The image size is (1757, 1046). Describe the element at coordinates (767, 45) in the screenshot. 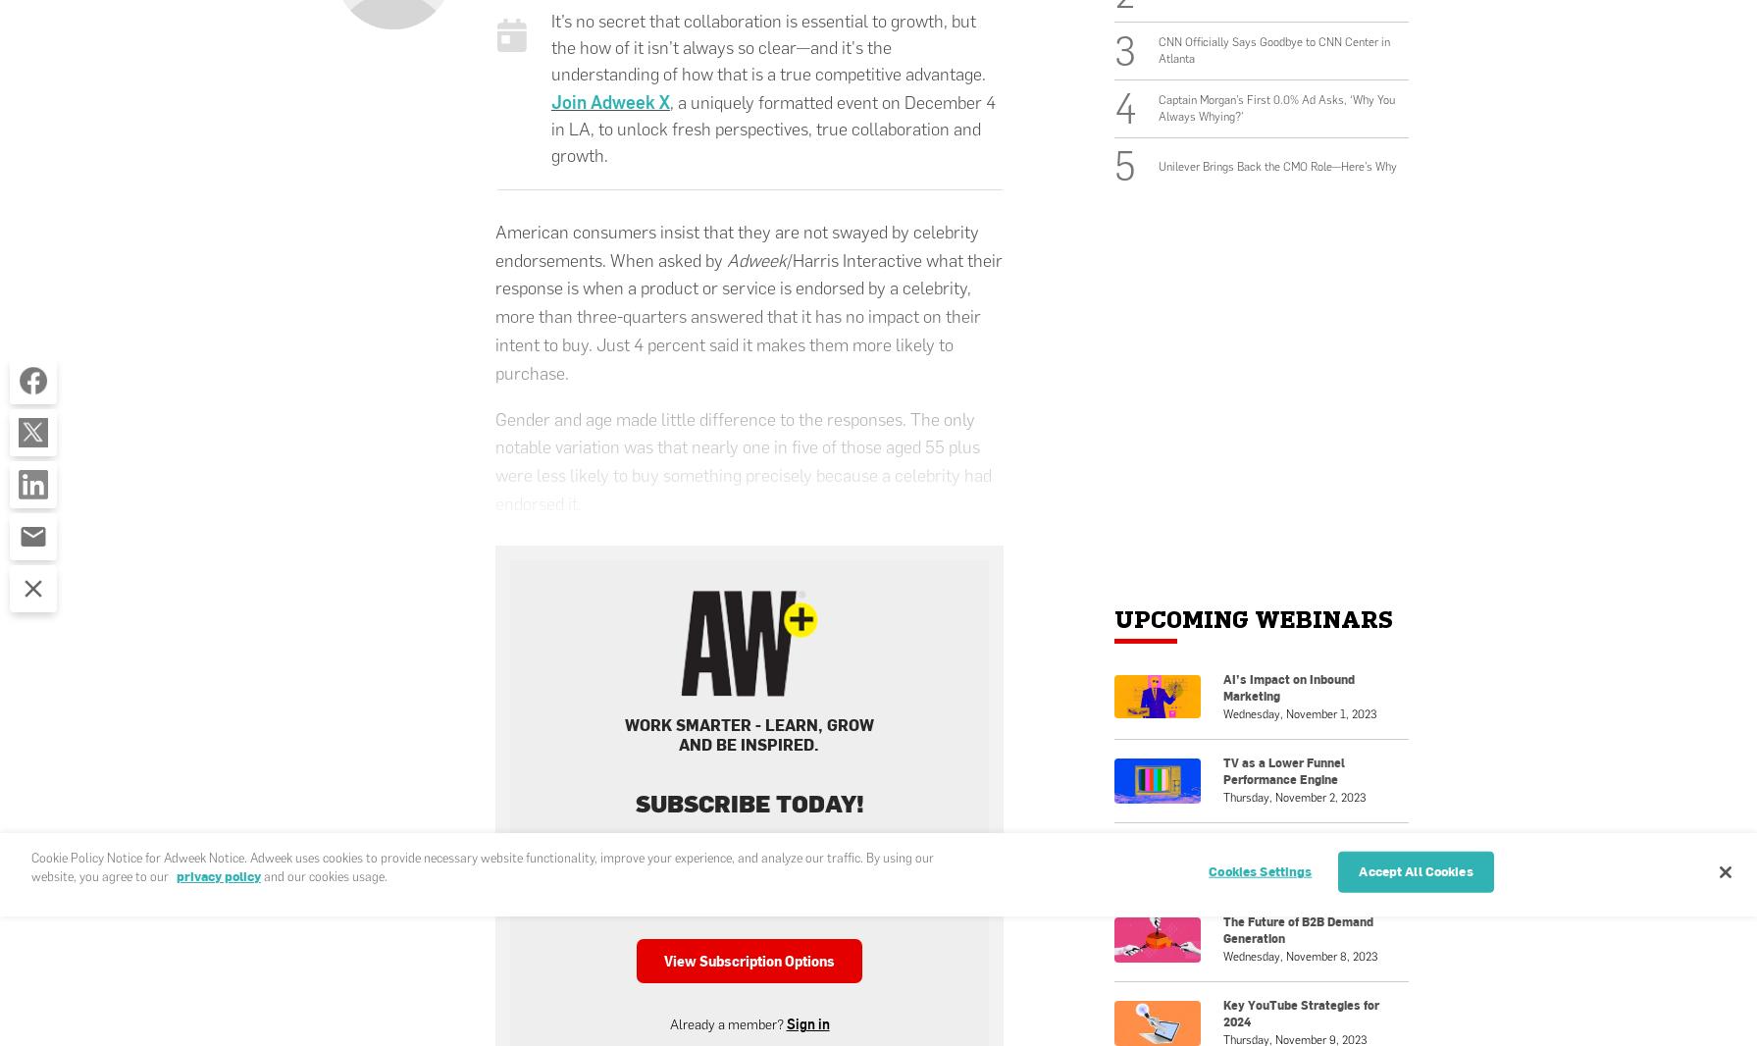

I see `'It’s no secret that collaboration is essential to growth, but the how of it isn’t always so clear—and it's the understanding of how that is a true competitive advantage.'` at that location.